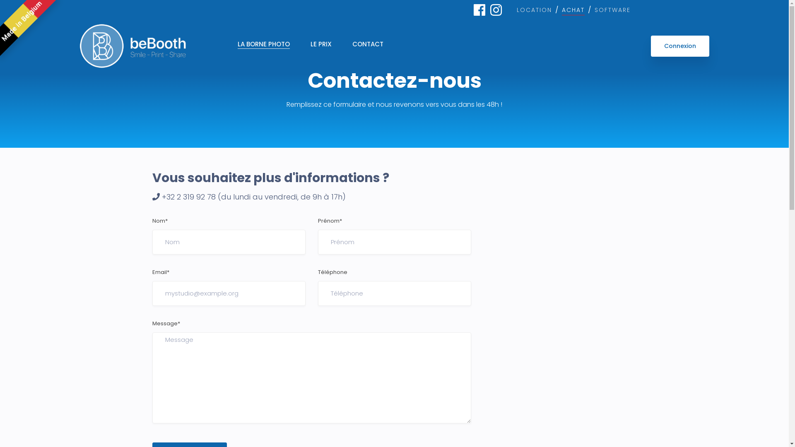  Describe the element at coordinates (594, 10) in the screenshot. I see `'SOFTWARE'` at that location.